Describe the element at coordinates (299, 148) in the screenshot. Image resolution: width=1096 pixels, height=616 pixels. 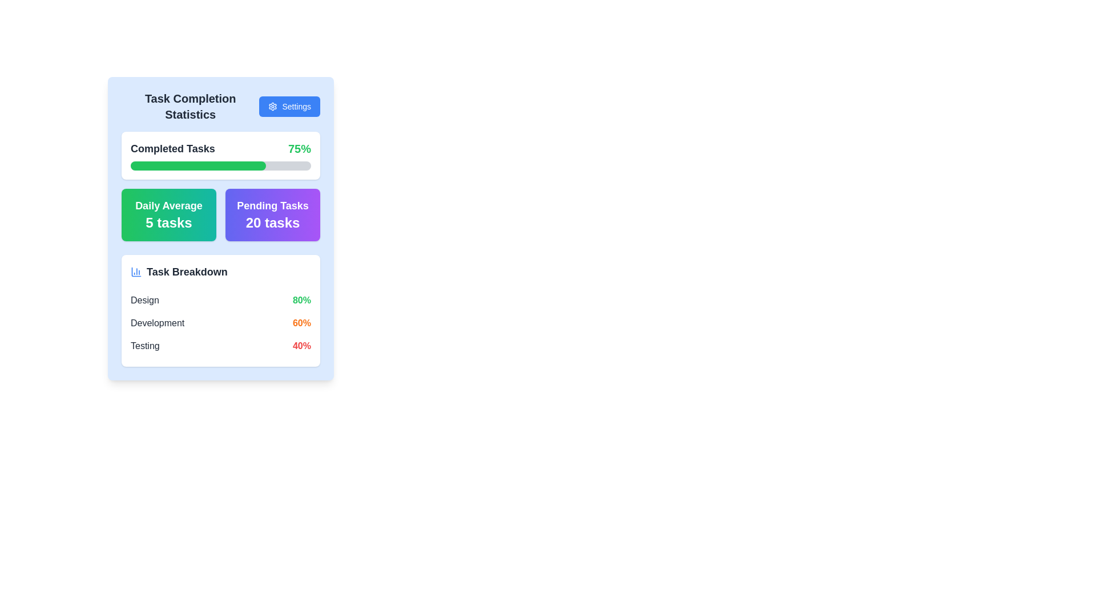
I see `the text display element showing '75%' in the top-right corner of the 'Completed Tasks' section` at that location.